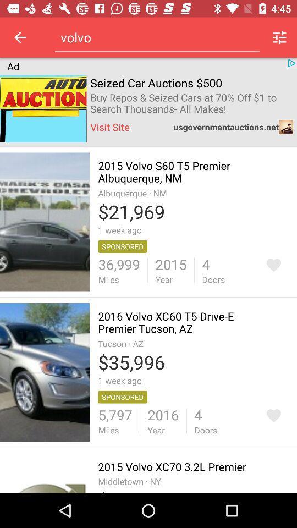 The image size is (297, 528). I want to click on to favorites, so click(273, 415).